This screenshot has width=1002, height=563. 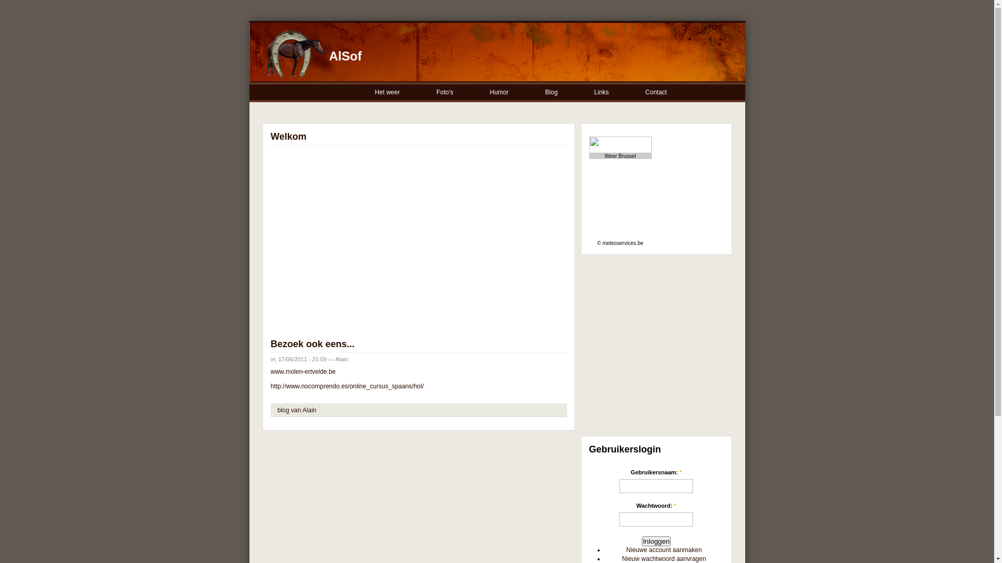 What do you see at coordinates (270, 344) in the screenshot?
I see `'Bezoek ook eens...'` at bounding box center [270, 344].